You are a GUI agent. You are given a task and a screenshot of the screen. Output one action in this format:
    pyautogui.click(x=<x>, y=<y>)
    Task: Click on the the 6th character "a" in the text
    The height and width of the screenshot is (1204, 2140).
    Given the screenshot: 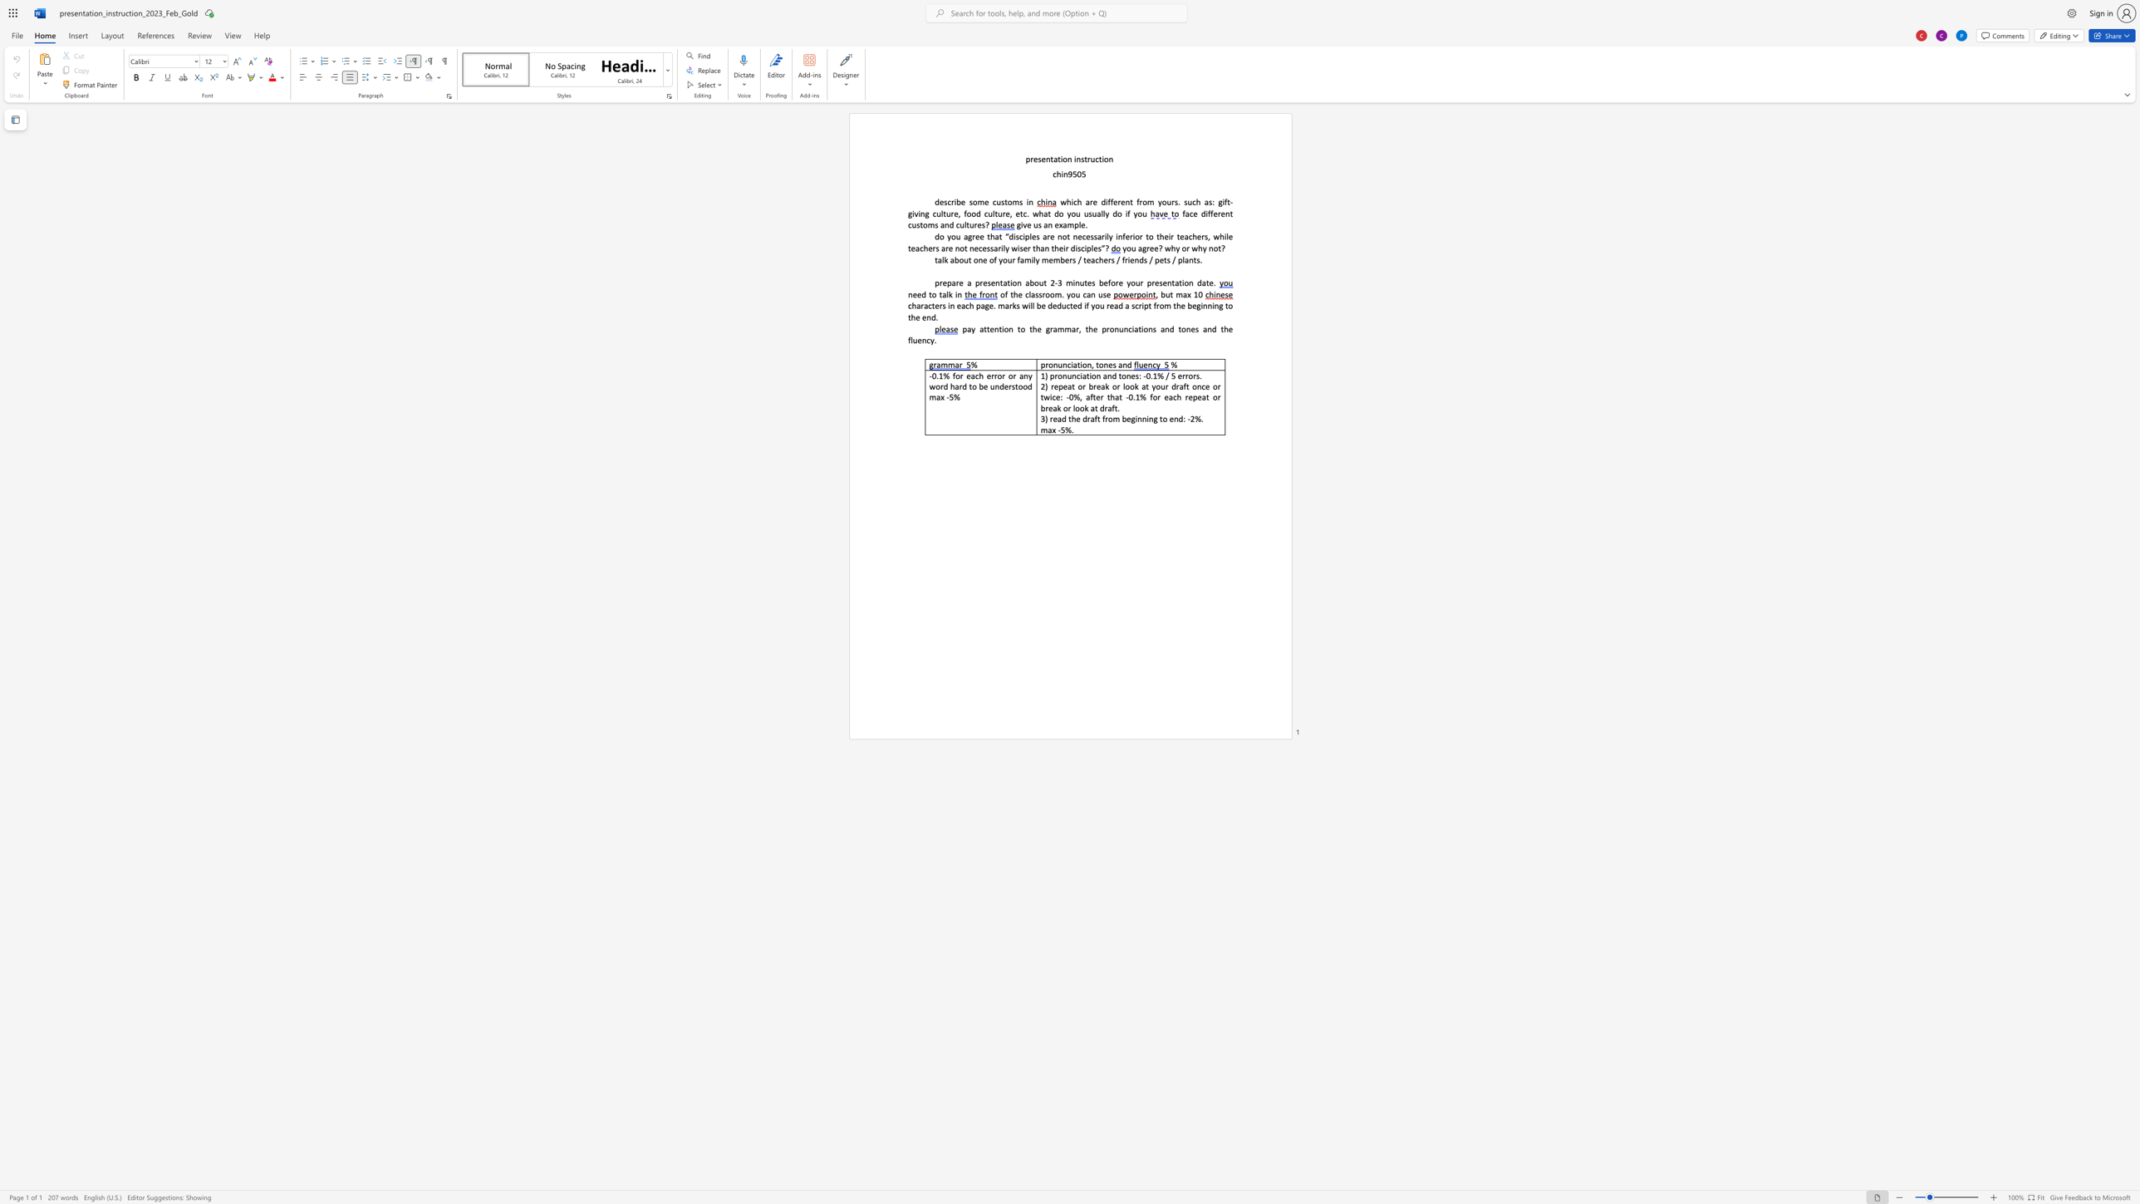 What is the action you would take?
    pyautogui.click(x=917, y=248)
    